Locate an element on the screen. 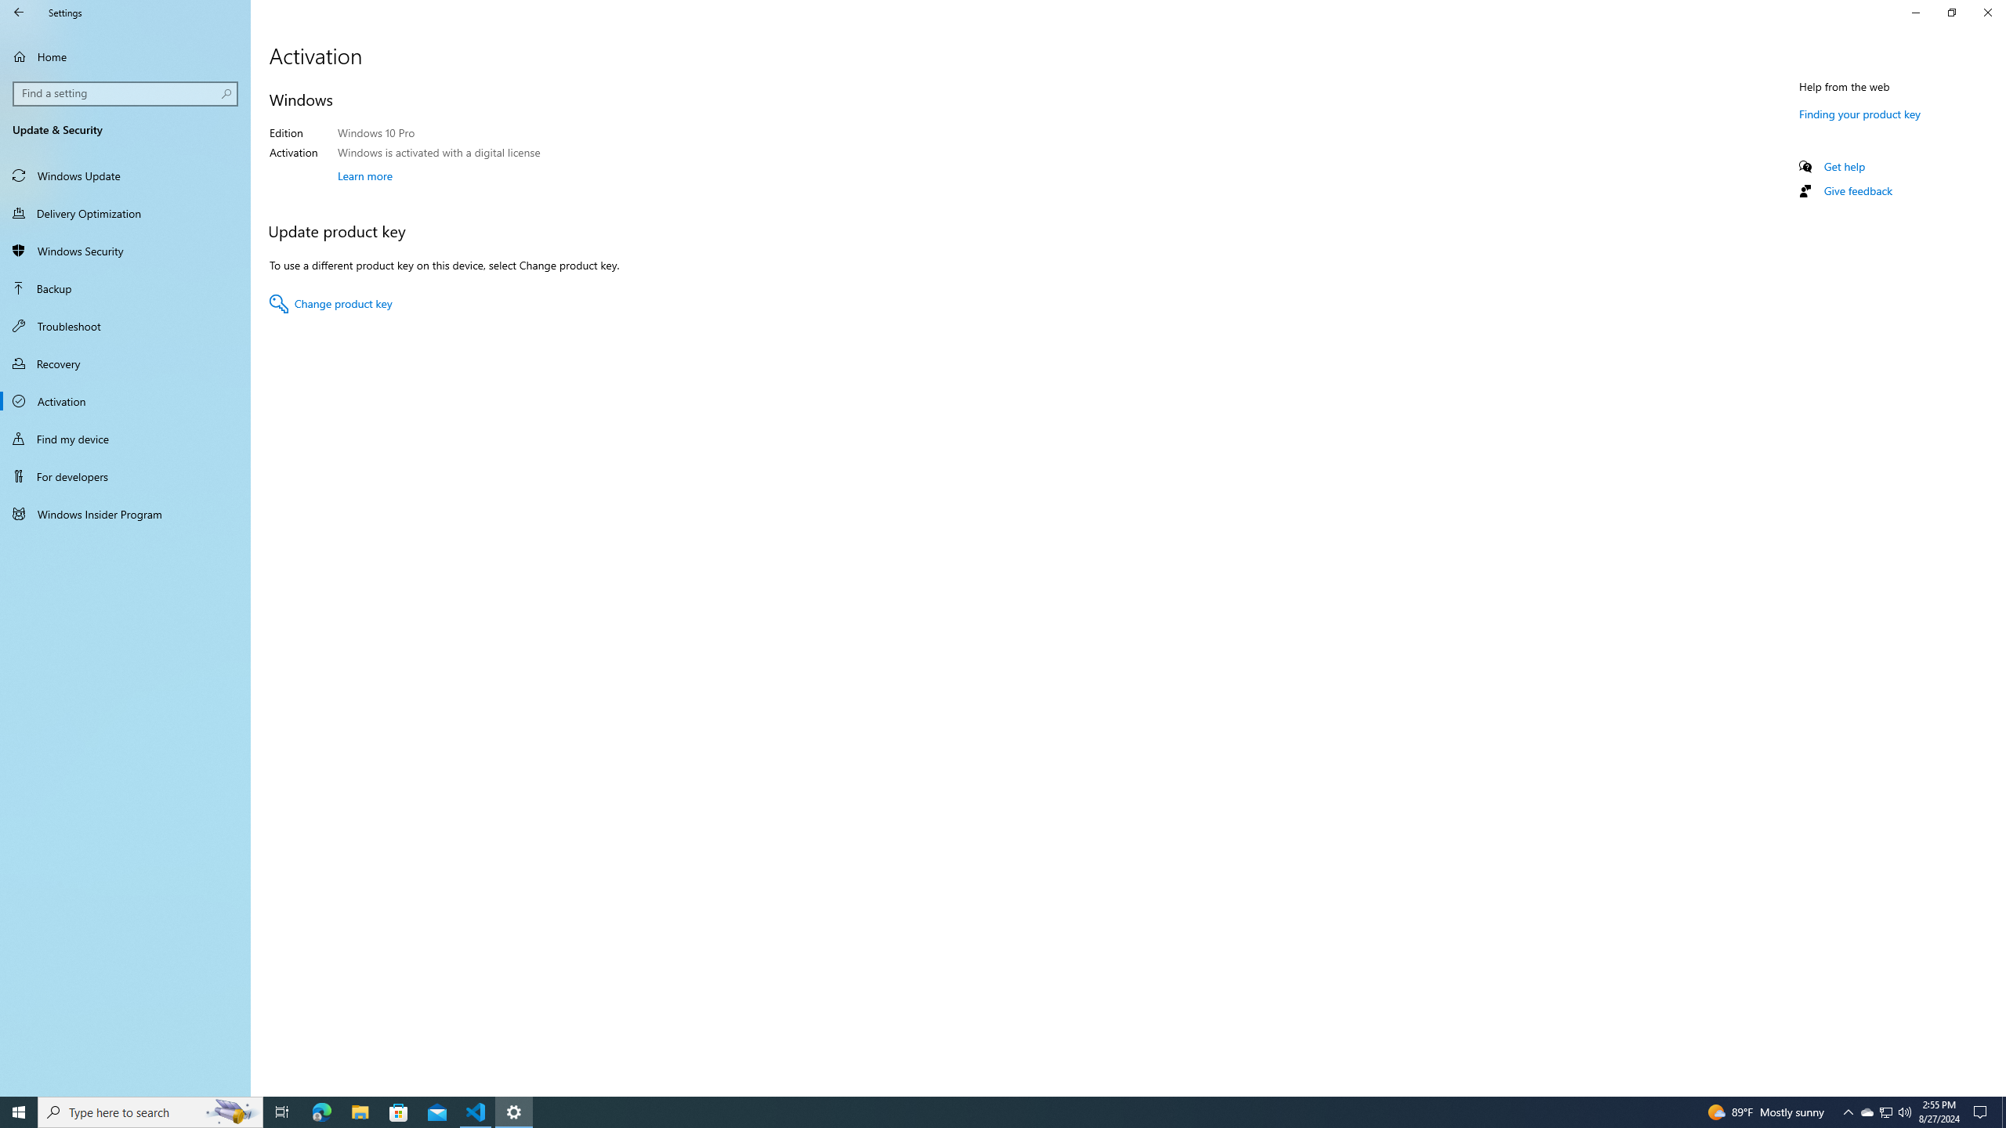 The height and width of the screenshot is (1128, 2006). 'Settings - 1 running window' is located at coordinates (514, 1111).